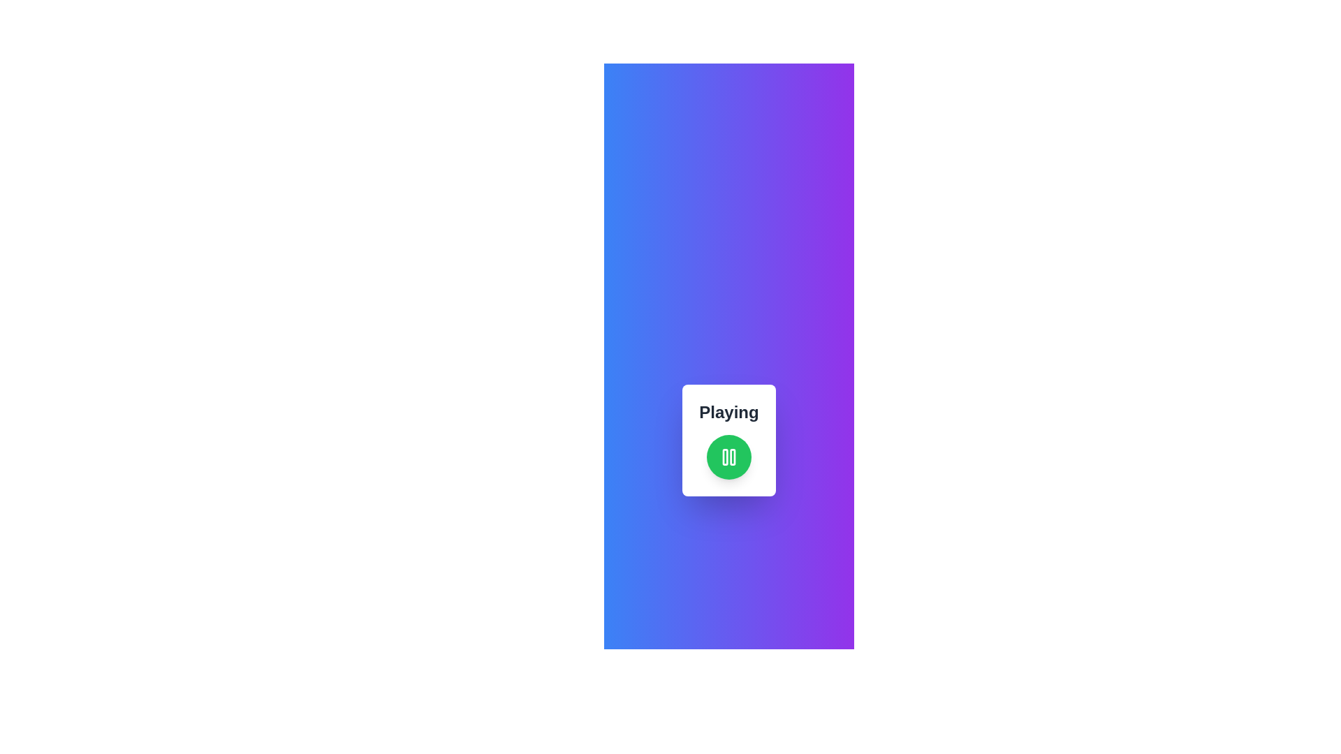 This screenshot has width=1341, height=754. I want to click on the pause button located beneath the 'Playing' title, so click(728, 457).